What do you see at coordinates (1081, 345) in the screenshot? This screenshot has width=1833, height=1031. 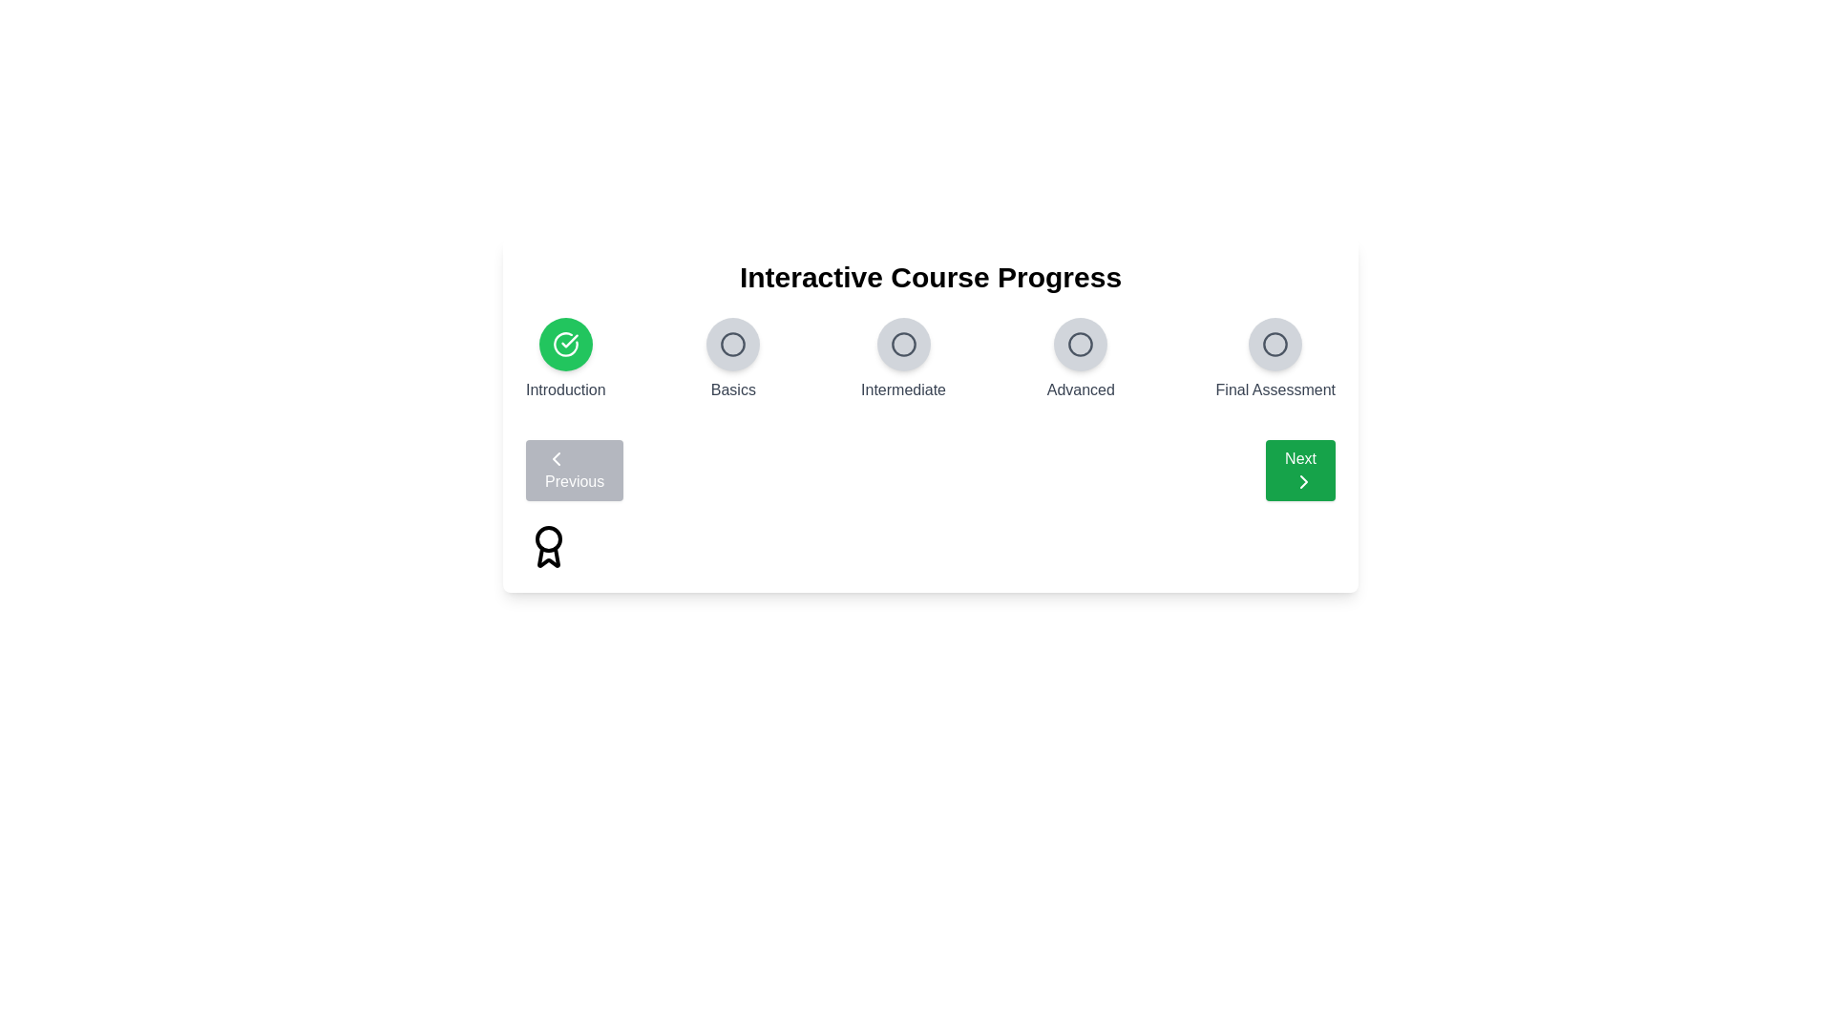 I see `the circular button with a gray background located under the label 'Advanced', positioned between the 'Intermediate' and 'Final Assessment' buttons` at bounding box center [1081, 345].